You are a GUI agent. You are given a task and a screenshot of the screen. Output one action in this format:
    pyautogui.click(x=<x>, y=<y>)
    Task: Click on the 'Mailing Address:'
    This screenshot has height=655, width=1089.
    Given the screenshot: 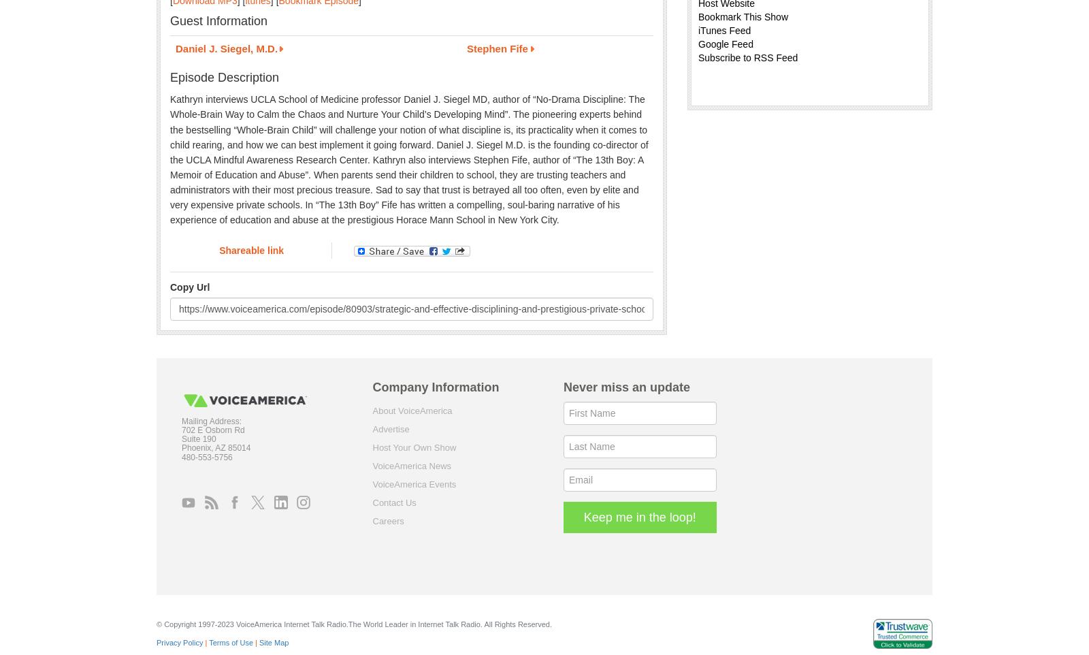 What is the action you would take?
    pyautogui.click(x=212, y=419)
    